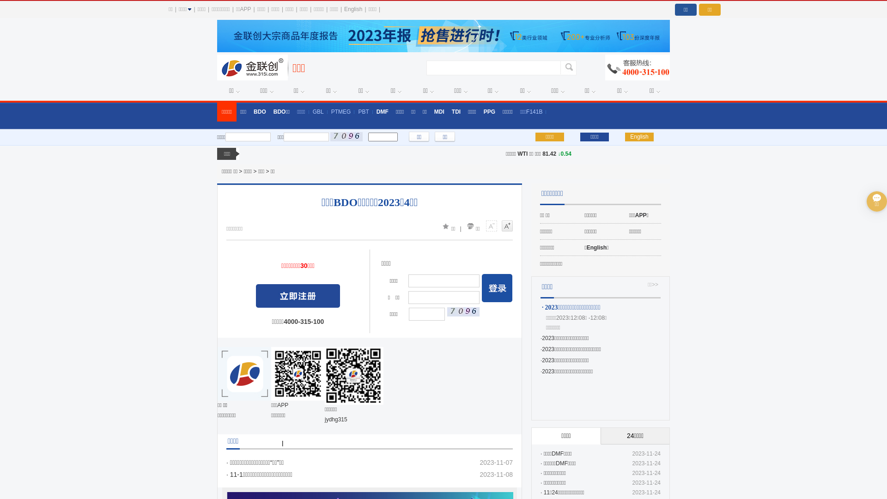  What do you see at coordinates (489, 111) in the screenshot?
I see `'PPG'` at bounding box center [489, 111].